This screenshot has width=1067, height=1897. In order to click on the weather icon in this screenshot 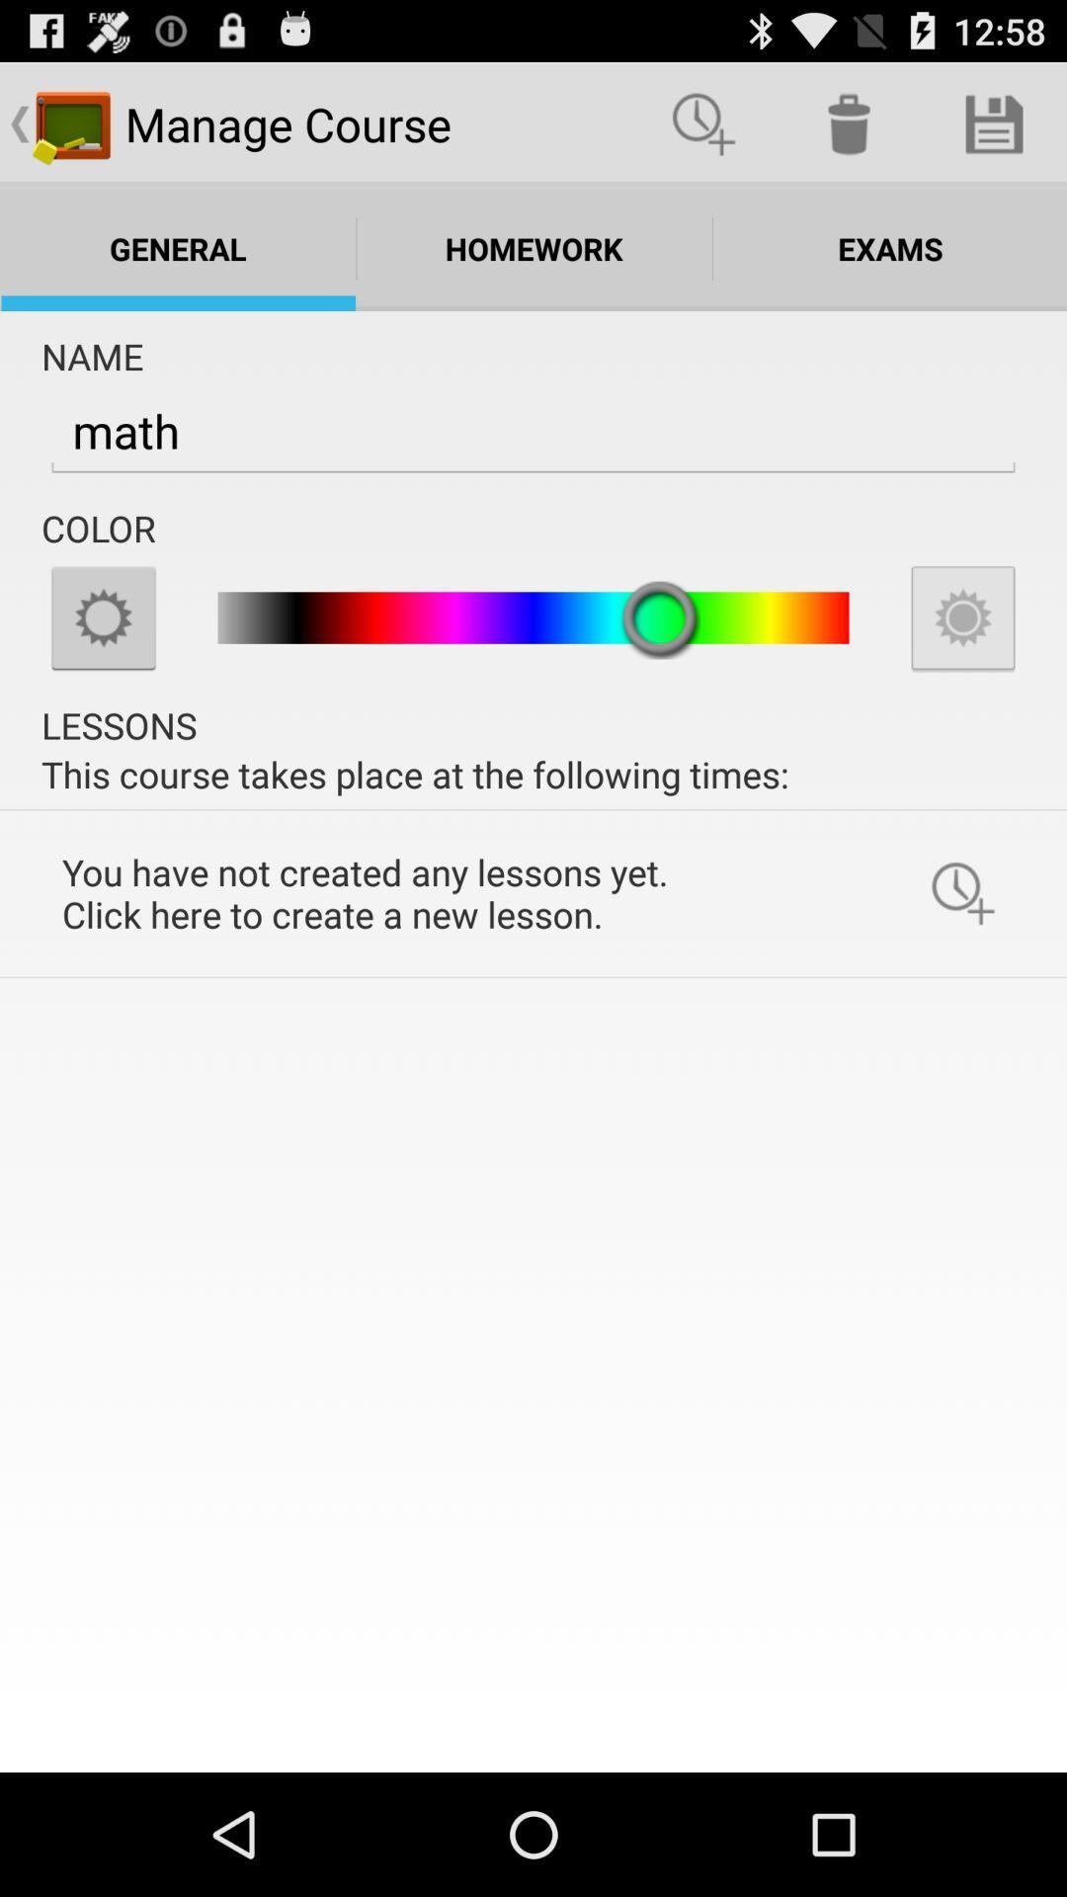, I will do `click(103, 661)`.